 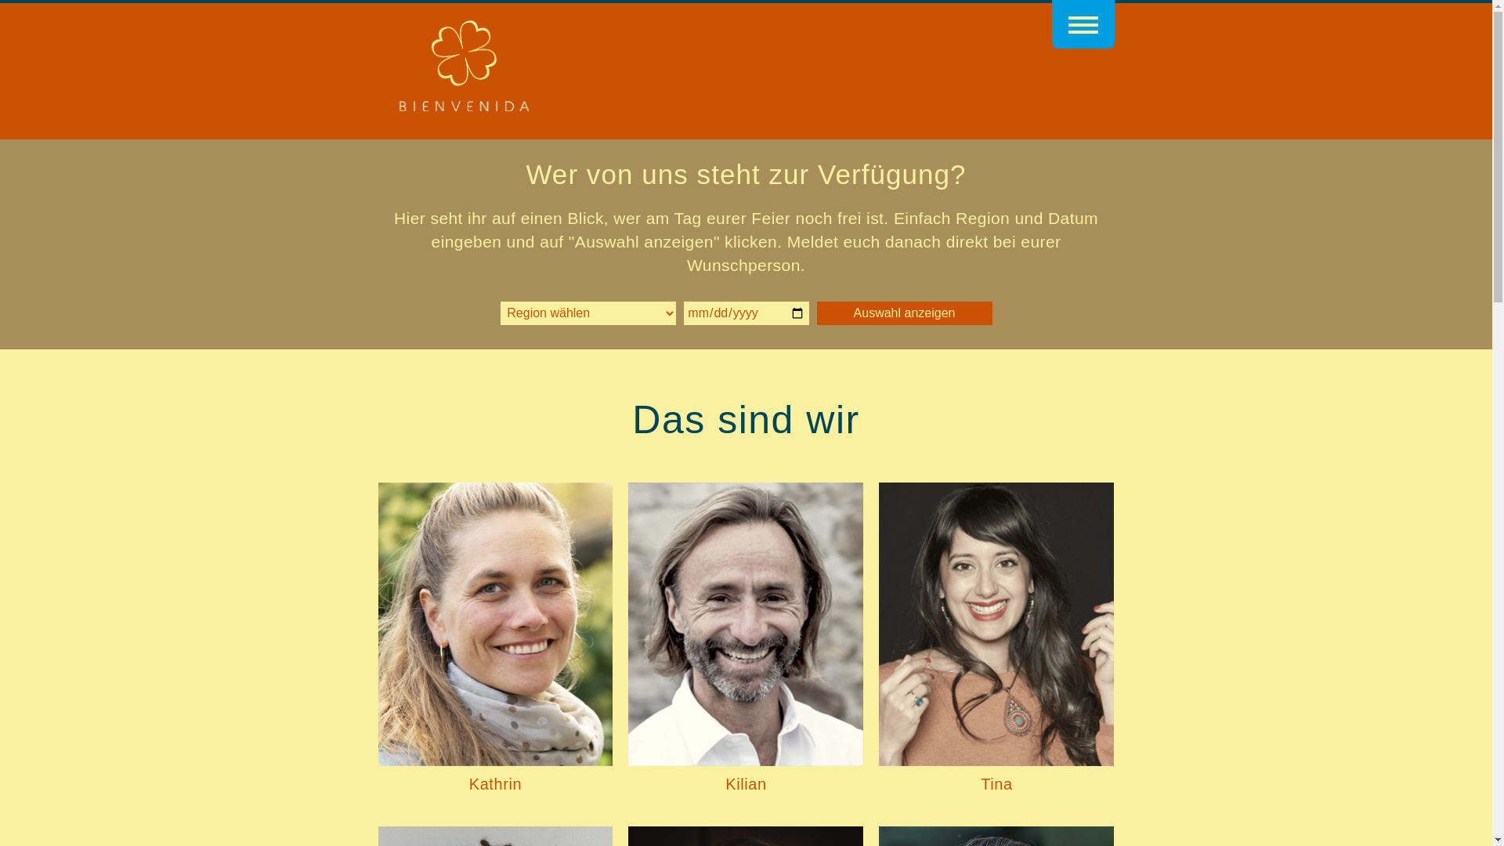 I want to click on 'Auswahl anzeigen', so click(x=903, y=313).